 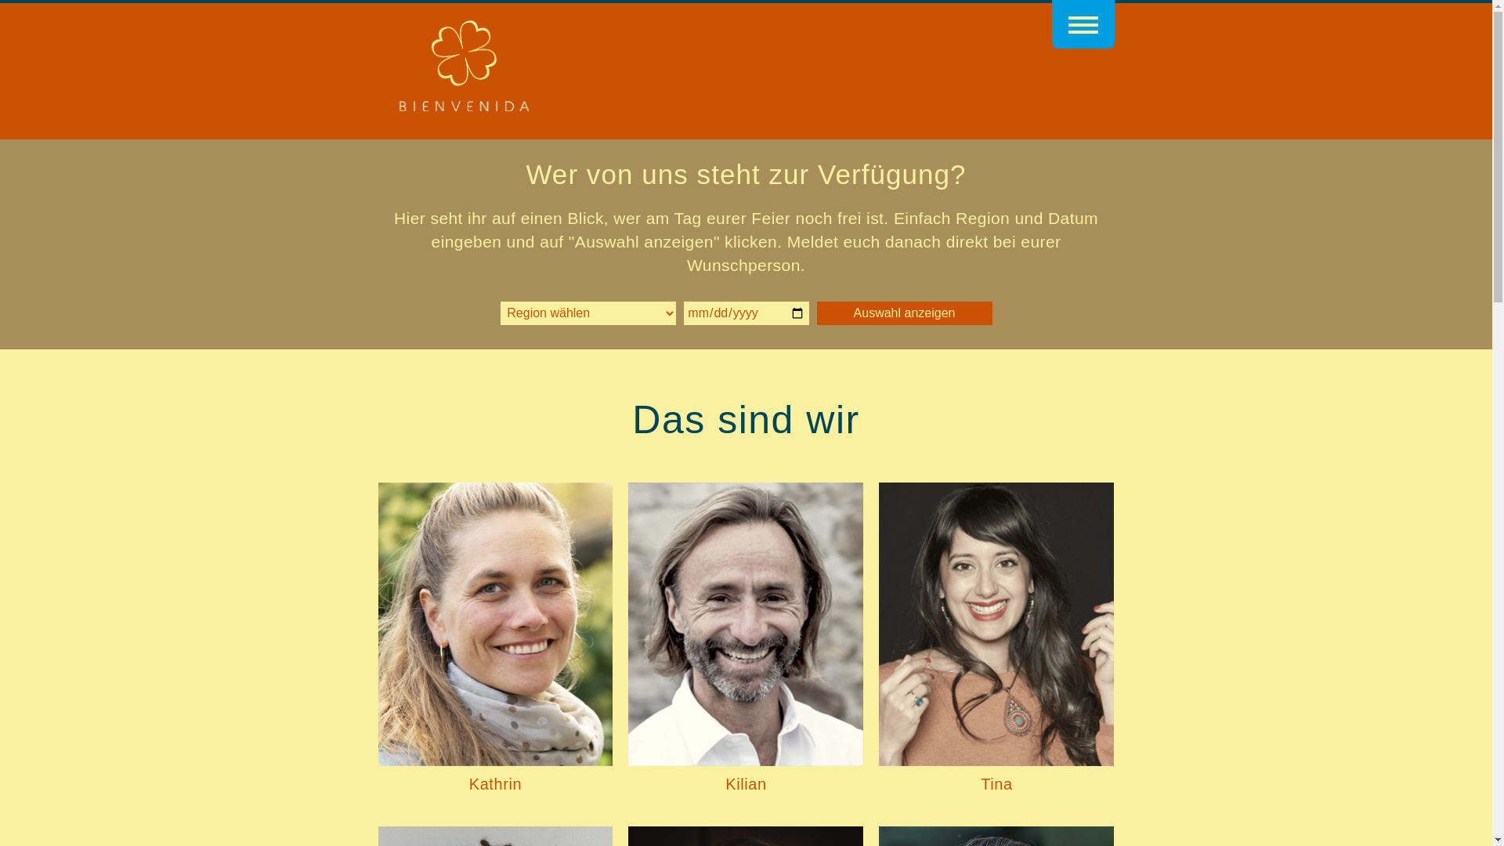 I want to click on 'Auswahl anzeigen', so click(x=903, y=313).